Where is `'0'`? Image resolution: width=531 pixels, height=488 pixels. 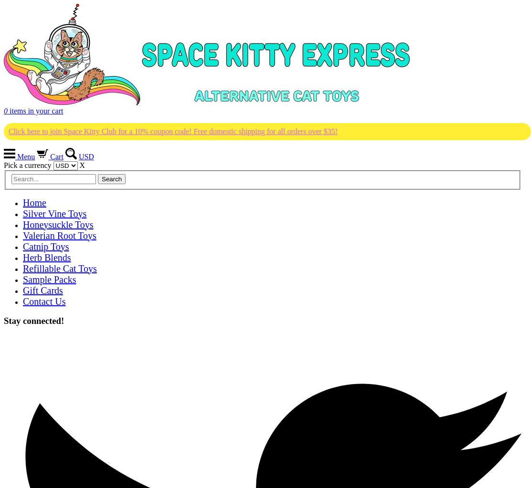
'0' is located at coordinates (4, 110).